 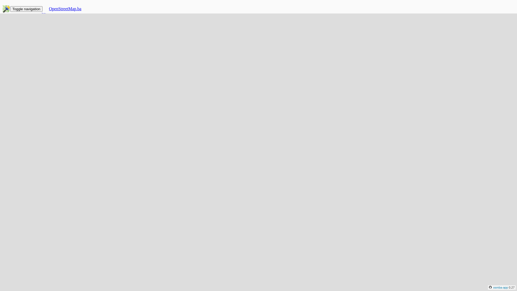 I want to click on 'Arhiva talk-ba', so click(x=25, y=32).